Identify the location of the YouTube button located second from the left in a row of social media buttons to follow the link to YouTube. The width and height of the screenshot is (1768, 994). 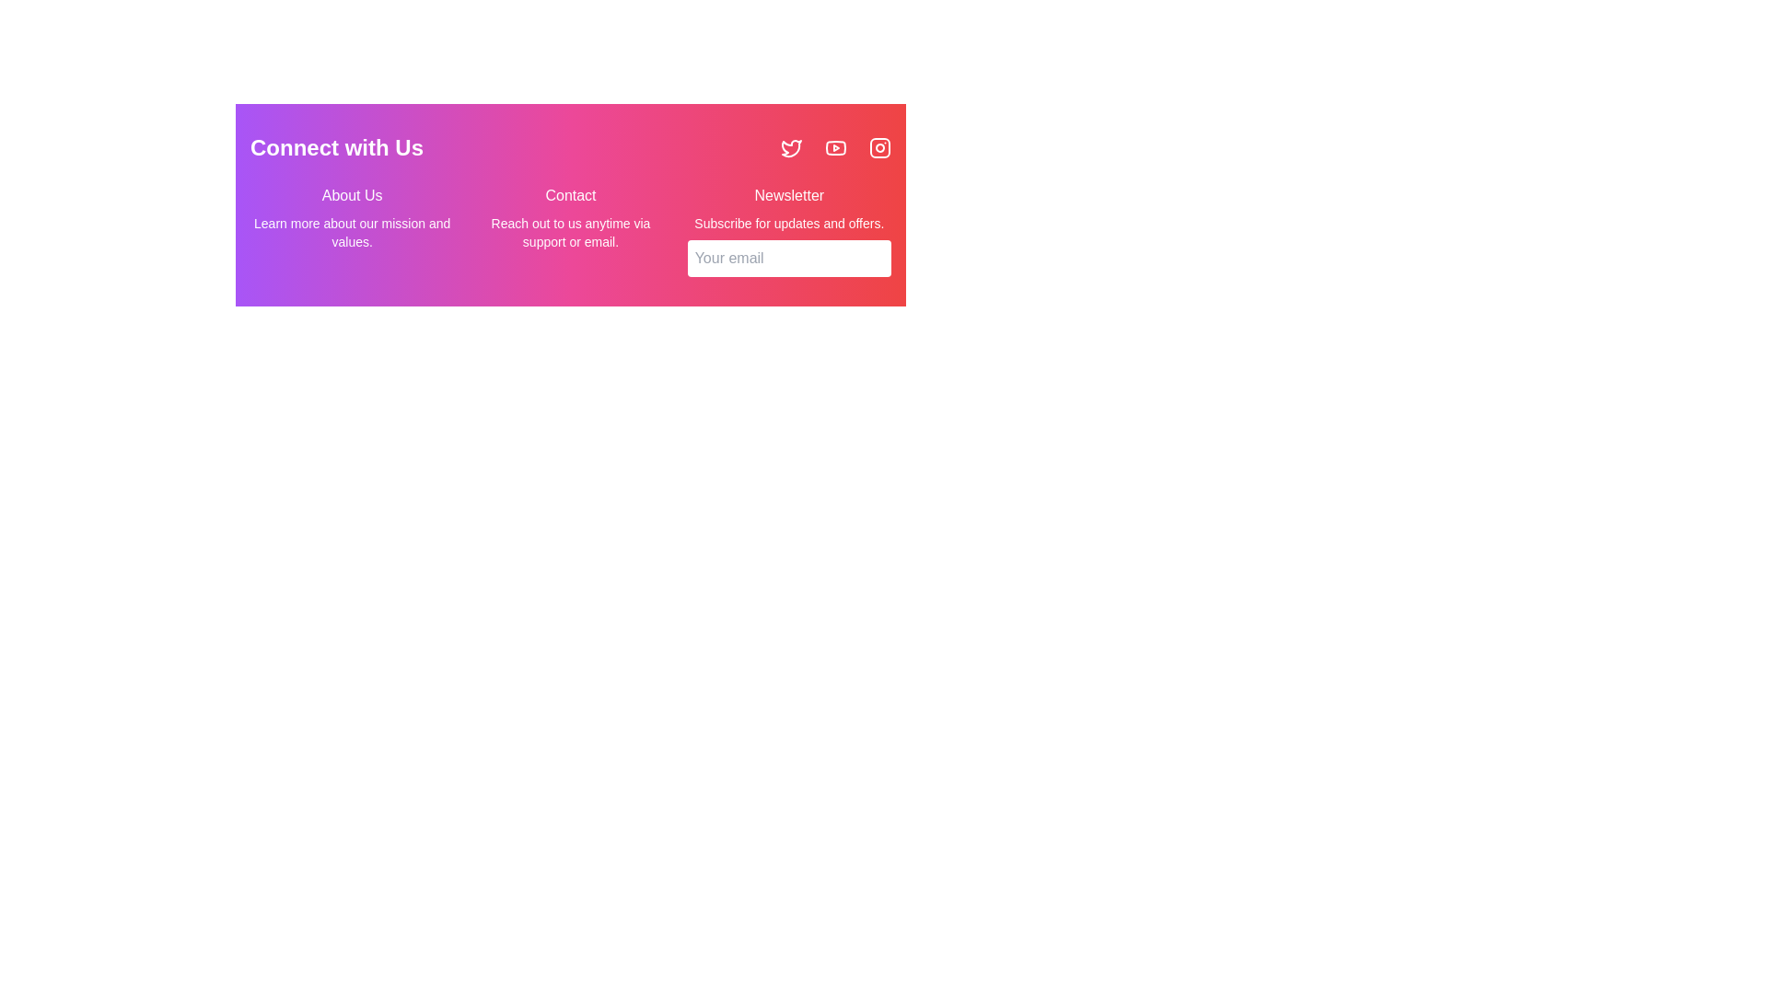
(834, 147).